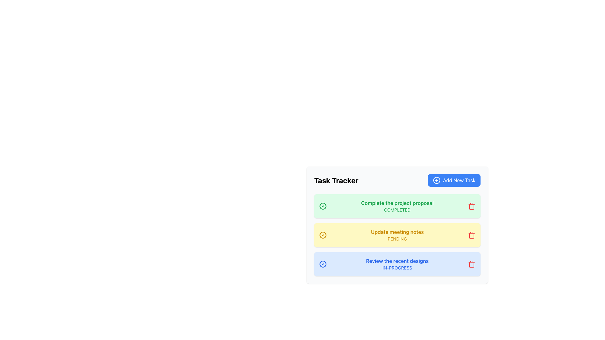 The height and width of the screenshot is (340, 605). What do you see at coordinates (323, 235) in the screenshot?
I see `the circular badge icon with a scalloped edge, which is the leftmost element in the yellow-highlighted row titled 'Update meeting notes'` at bounding box center [323, 235].